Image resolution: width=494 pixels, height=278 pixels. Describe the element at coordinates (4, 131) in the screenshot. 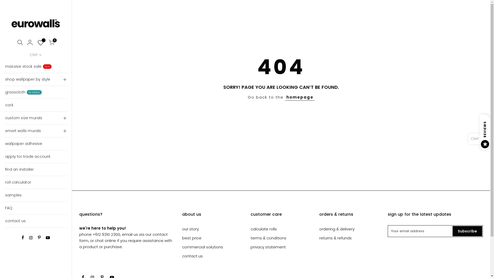

I see `'smart walls murals'` at that location.